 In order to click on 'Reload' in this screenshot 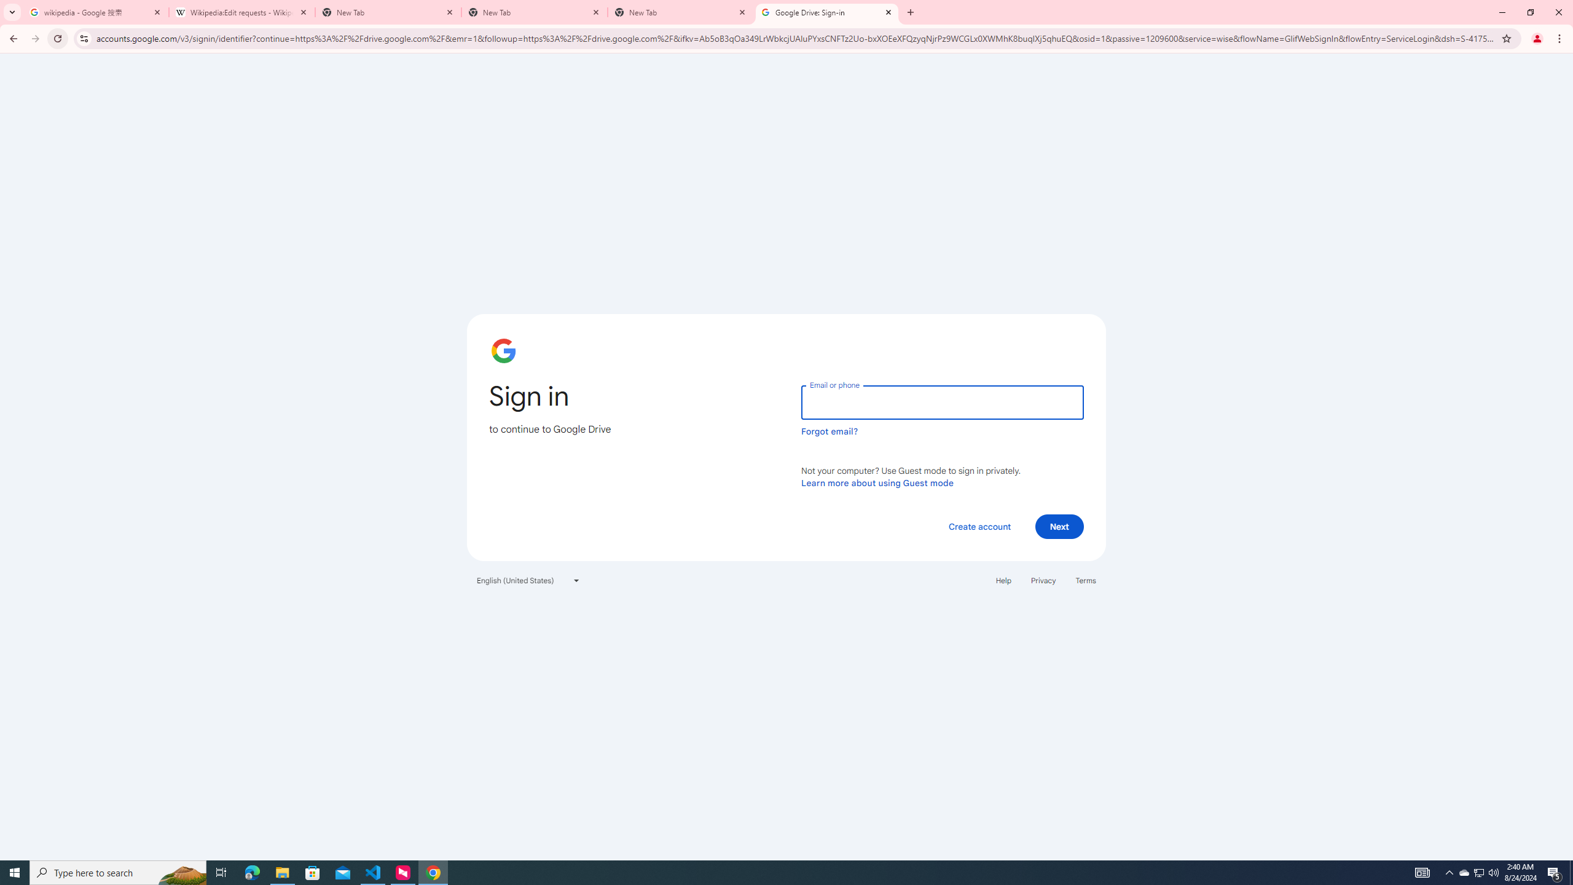, I will do `click(57, 38)`.